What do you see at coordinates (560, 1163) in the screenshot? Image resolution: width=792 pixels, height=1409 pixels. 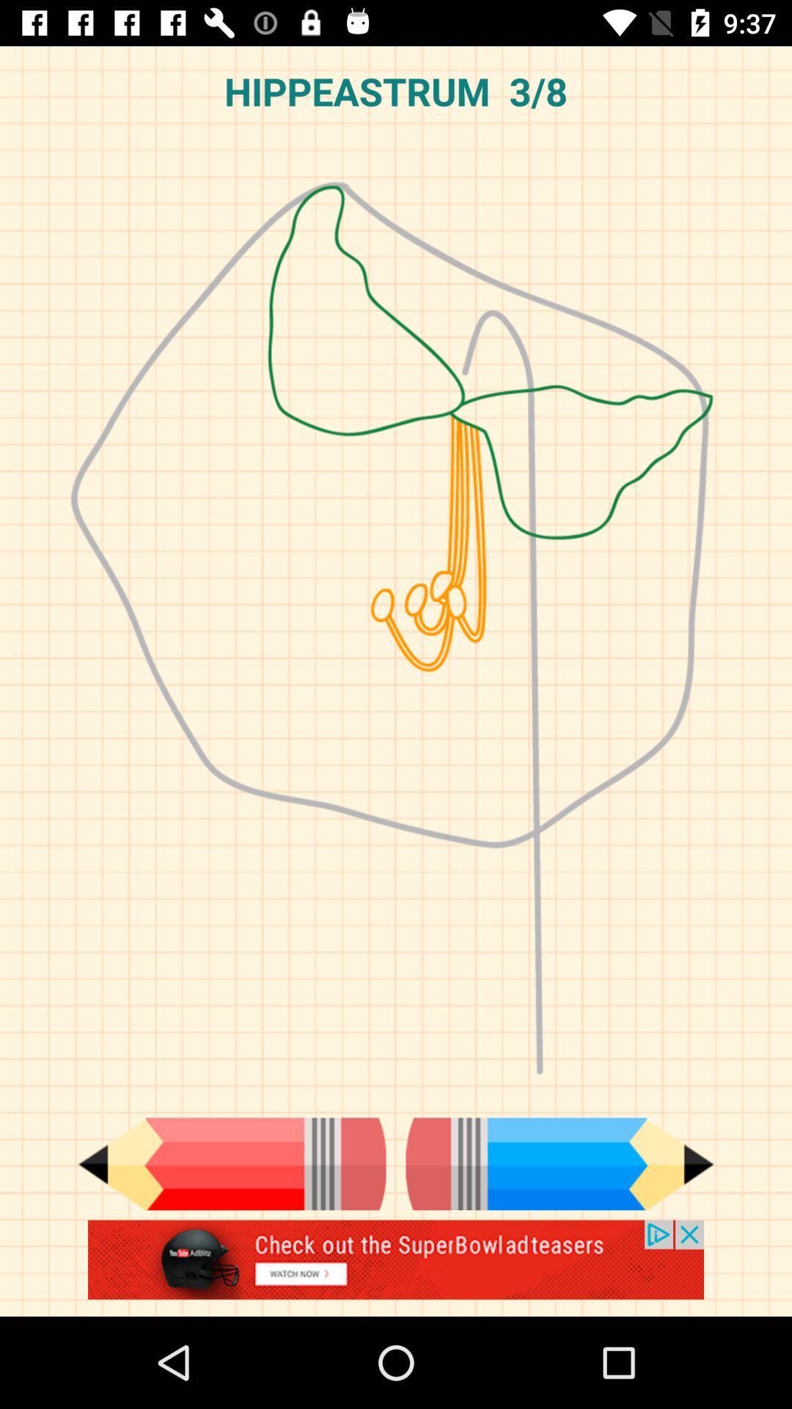 I see `pencil to draw` at bounding box center [560, 1163].